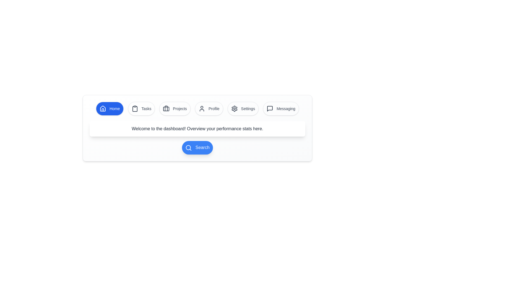 Image resolution: width=531 pixels, height=298 pixels. I want to click on the rounded button labeled 'Profile' with a user icon on the left, which is the fourth button in the horizontal navigation row, to observe any visual response such as a color change, so click(209, 108).